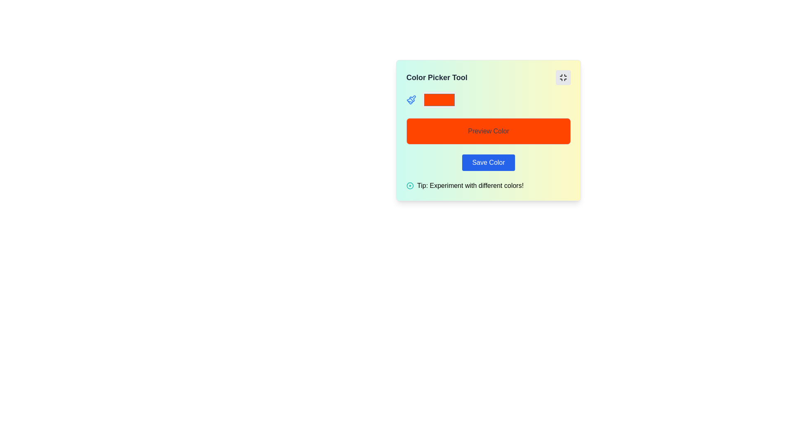 The width and height of the screenshot is (793, 446). Describe the element at coordinates (563, 78) in the screenshot. I see `the minimize button located in the top-right corner of the interface to minimize the UI component` at that location.